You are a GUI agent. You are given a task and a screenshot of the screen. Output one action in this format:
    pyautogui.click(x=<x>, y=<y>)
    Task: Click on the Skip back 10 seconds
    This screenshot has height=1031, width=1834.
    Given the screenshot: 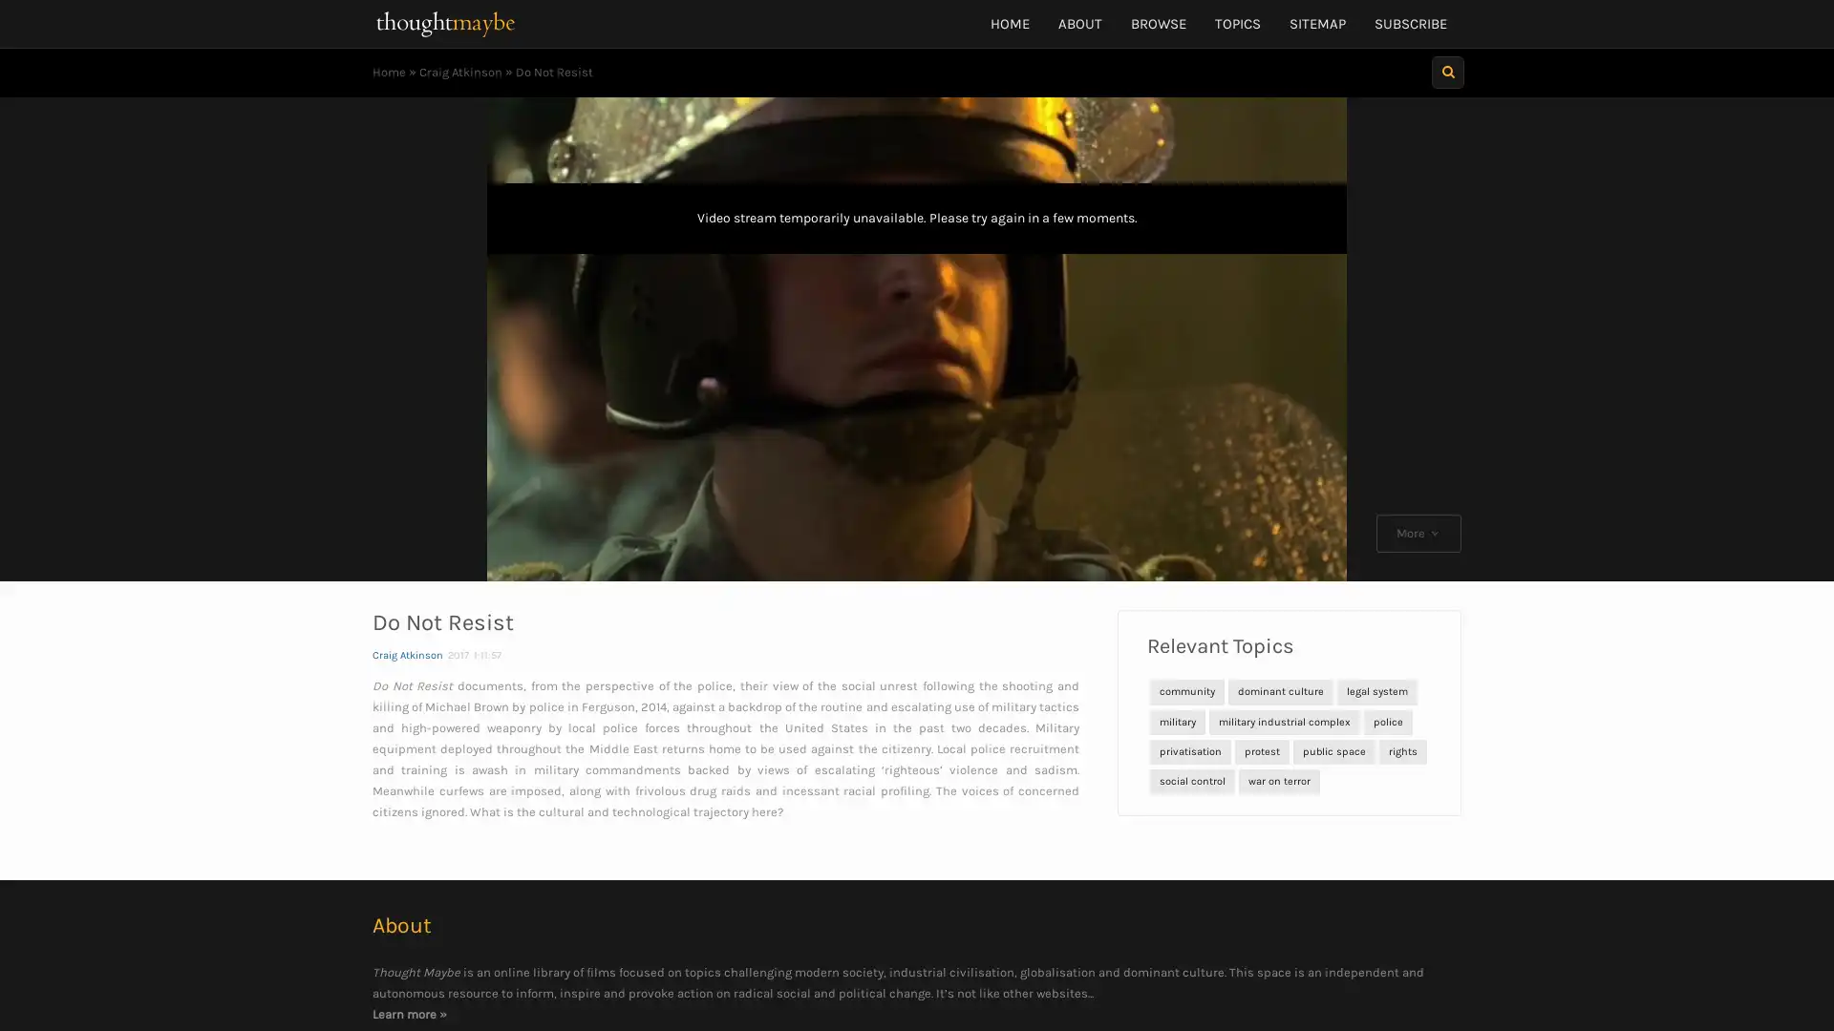 What is the action you would take?
    pyautogui.click(x=541, y=561)
    